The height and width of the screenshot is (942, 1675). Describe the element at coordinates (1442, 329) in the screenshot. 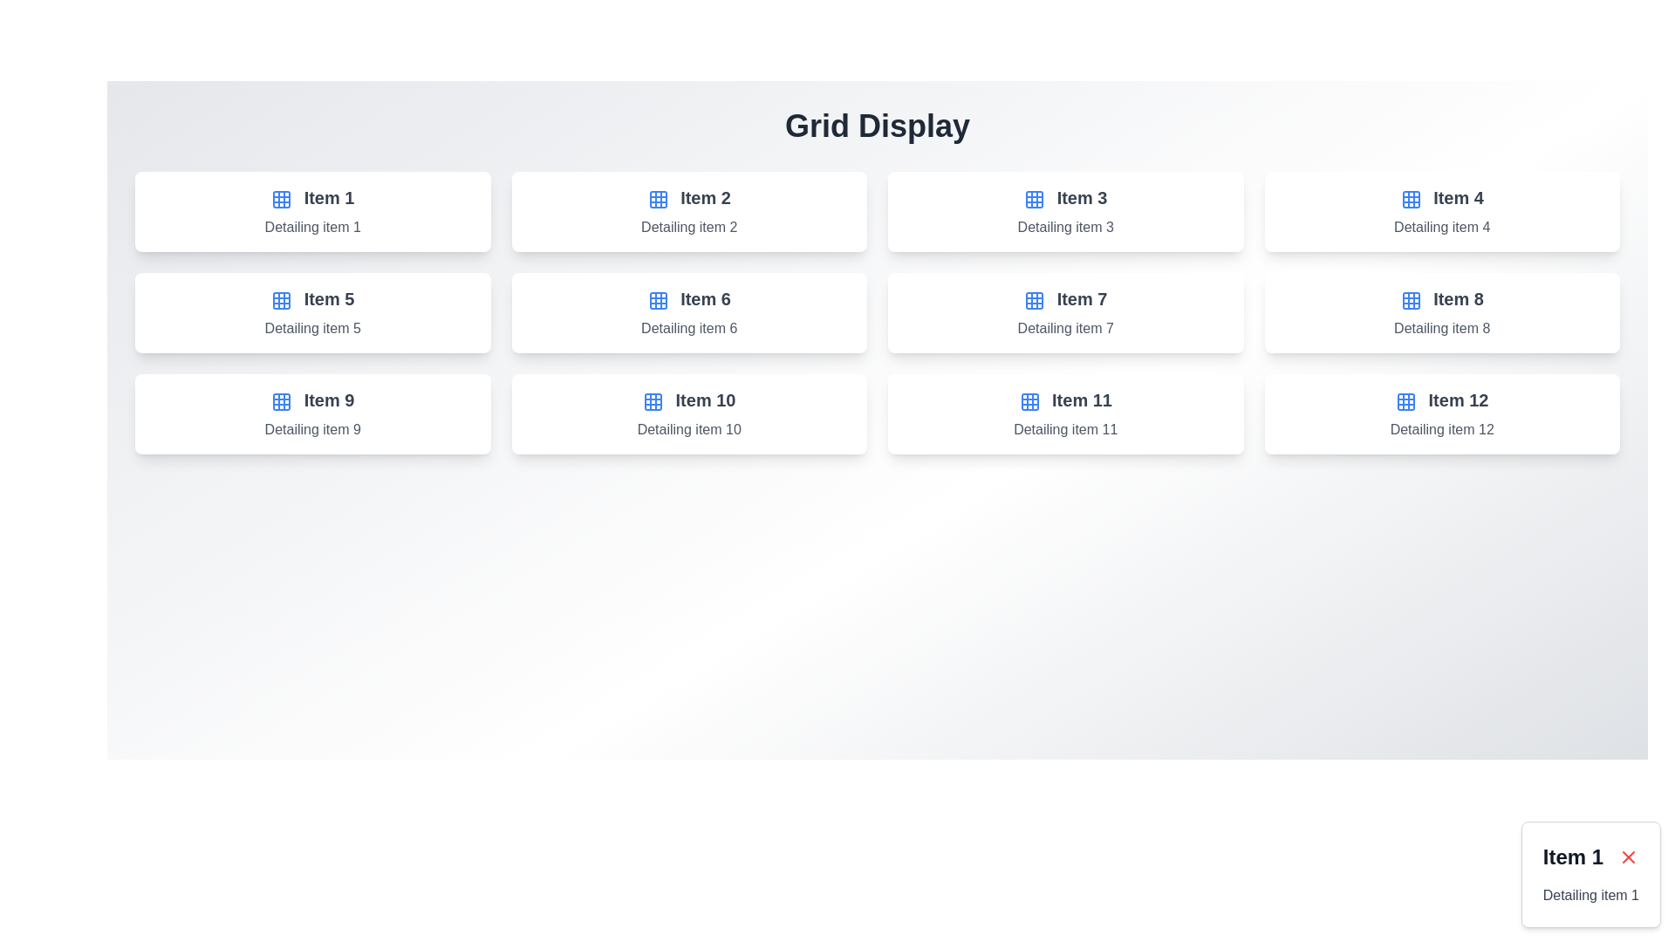

I see `the text element displaying 'Detailing item 8', which is the subtext below 'Item 8' in the card component located in the second row, fourth column of the grid` at that location.